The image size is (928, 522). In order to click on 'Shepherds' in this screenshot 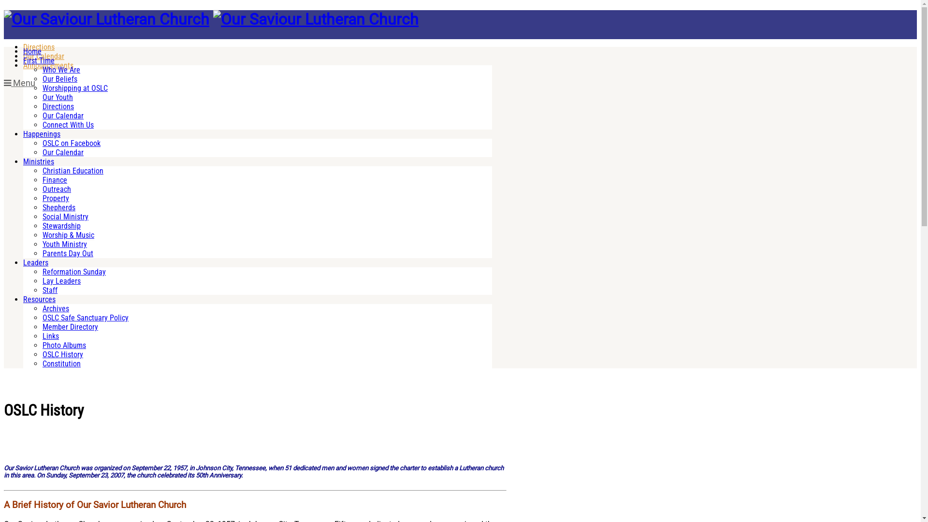, I will do `click(42, 207)`.